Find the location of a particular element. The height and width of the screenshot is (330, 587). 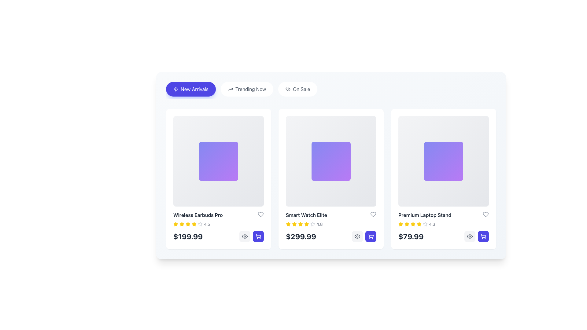

the fourth yellow star icon in the rating system below the title 'Premium Laptop Stand' to potentially rate the product is located at coordinates (401, 224).